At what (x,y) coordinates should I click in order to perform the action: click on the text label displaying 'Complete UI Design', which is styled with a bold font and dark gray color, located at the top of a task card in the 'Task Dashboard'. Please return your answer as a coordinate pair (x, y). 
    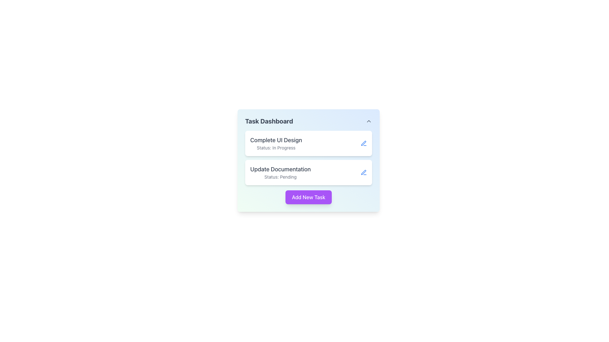
    Looking at the image, I should click on (276, 140).